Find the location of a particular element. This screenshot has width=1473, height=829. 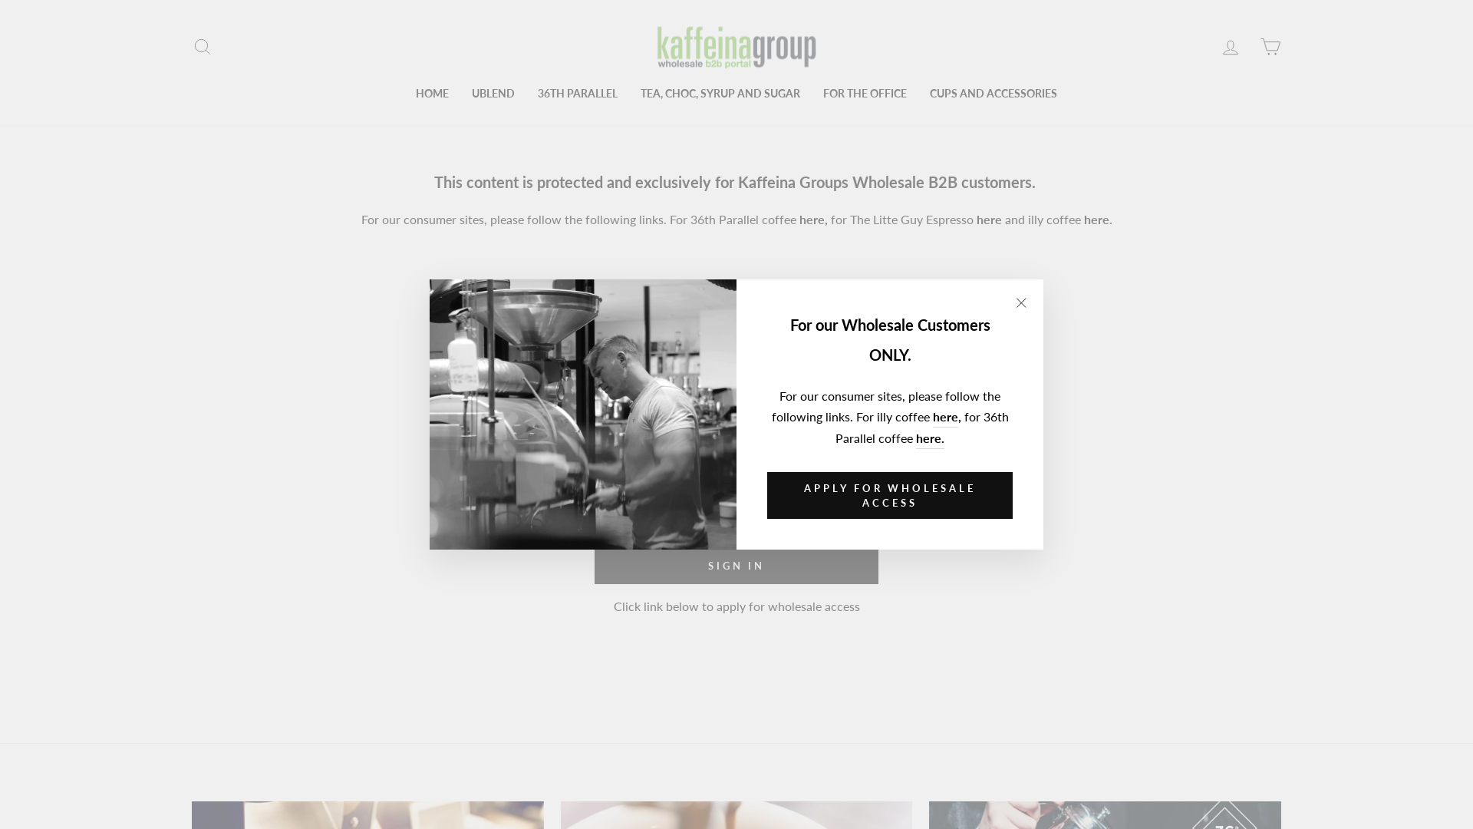

'SEARCH' is located at coordinates (183, 45).